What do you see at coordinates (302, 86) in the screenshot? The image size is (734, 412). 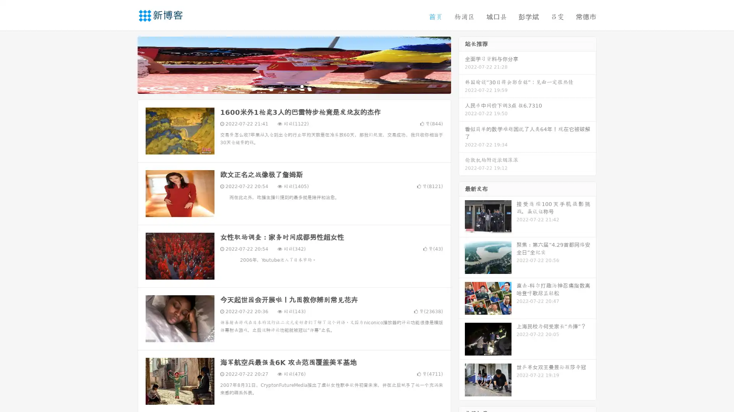 I see `Go to slide 3` at bounding box center [302, 86].